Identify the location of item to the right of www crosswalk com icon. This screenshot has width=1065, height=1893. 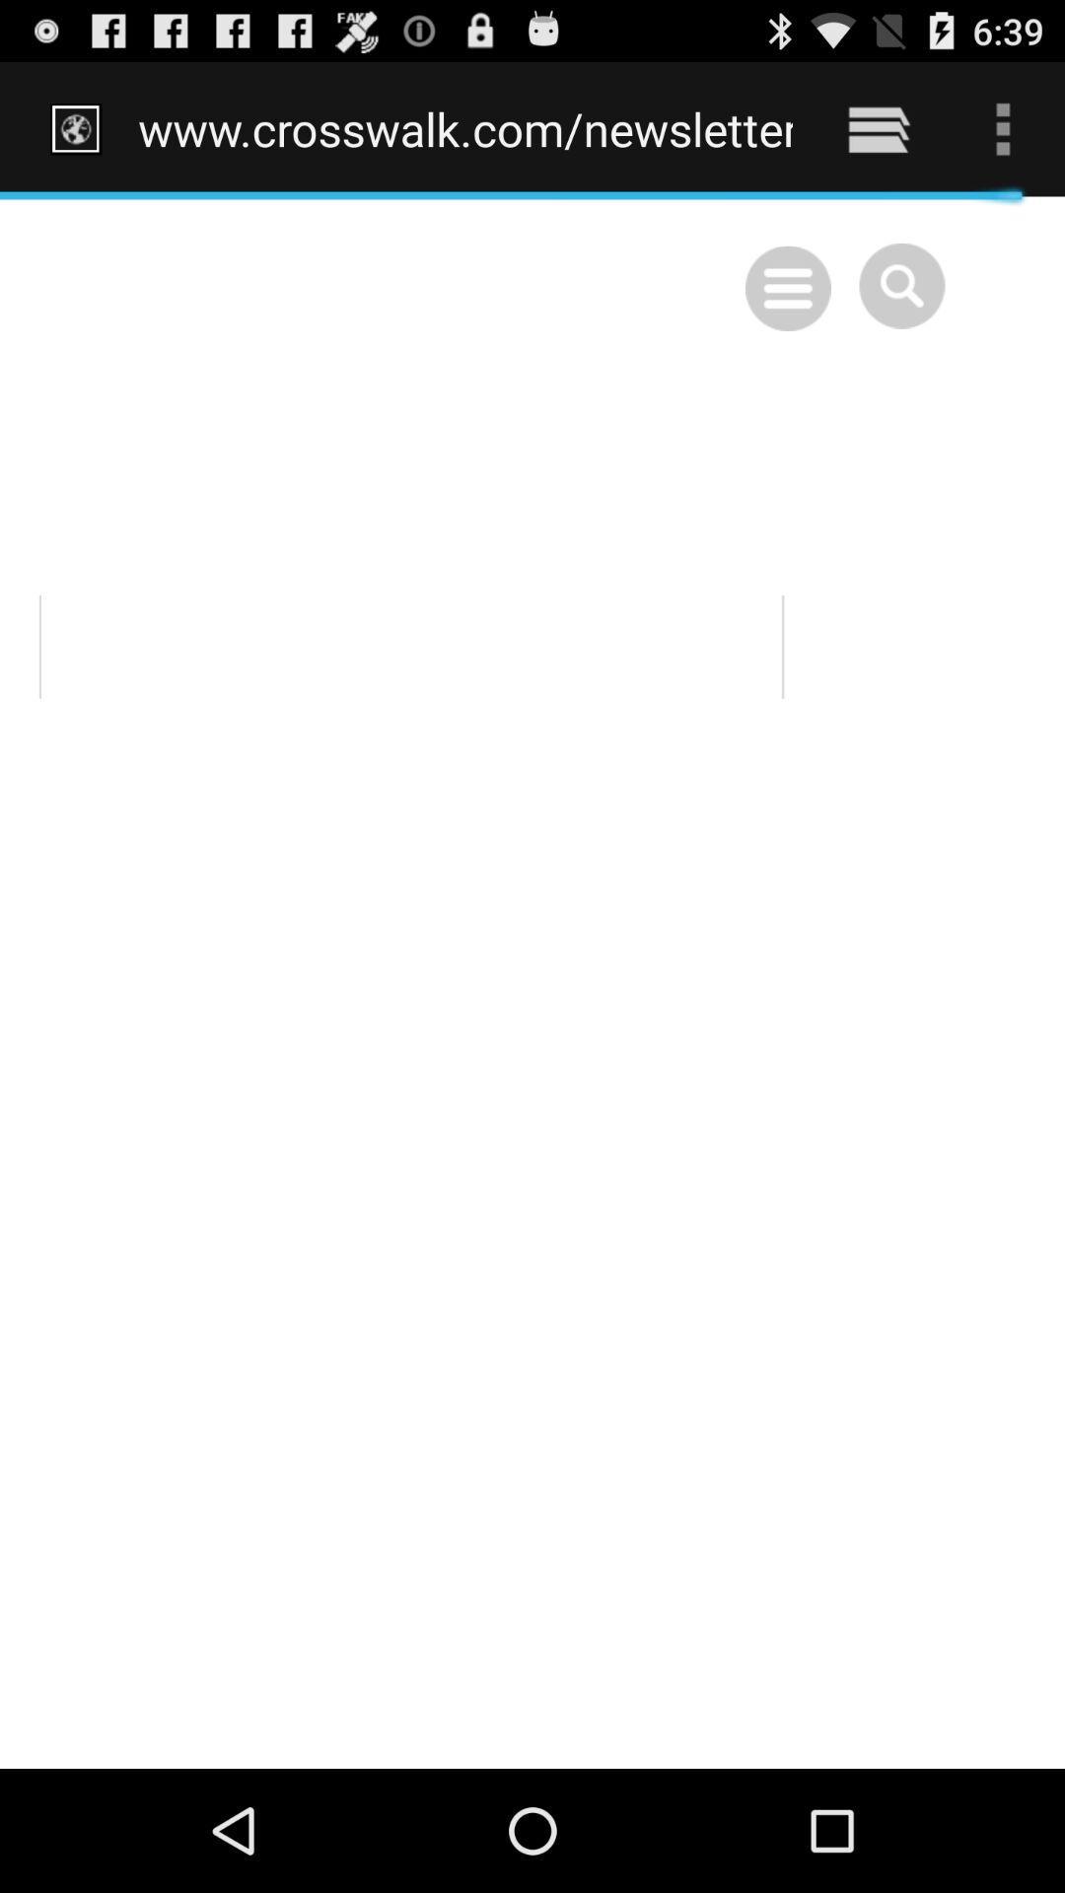
(878, 128).